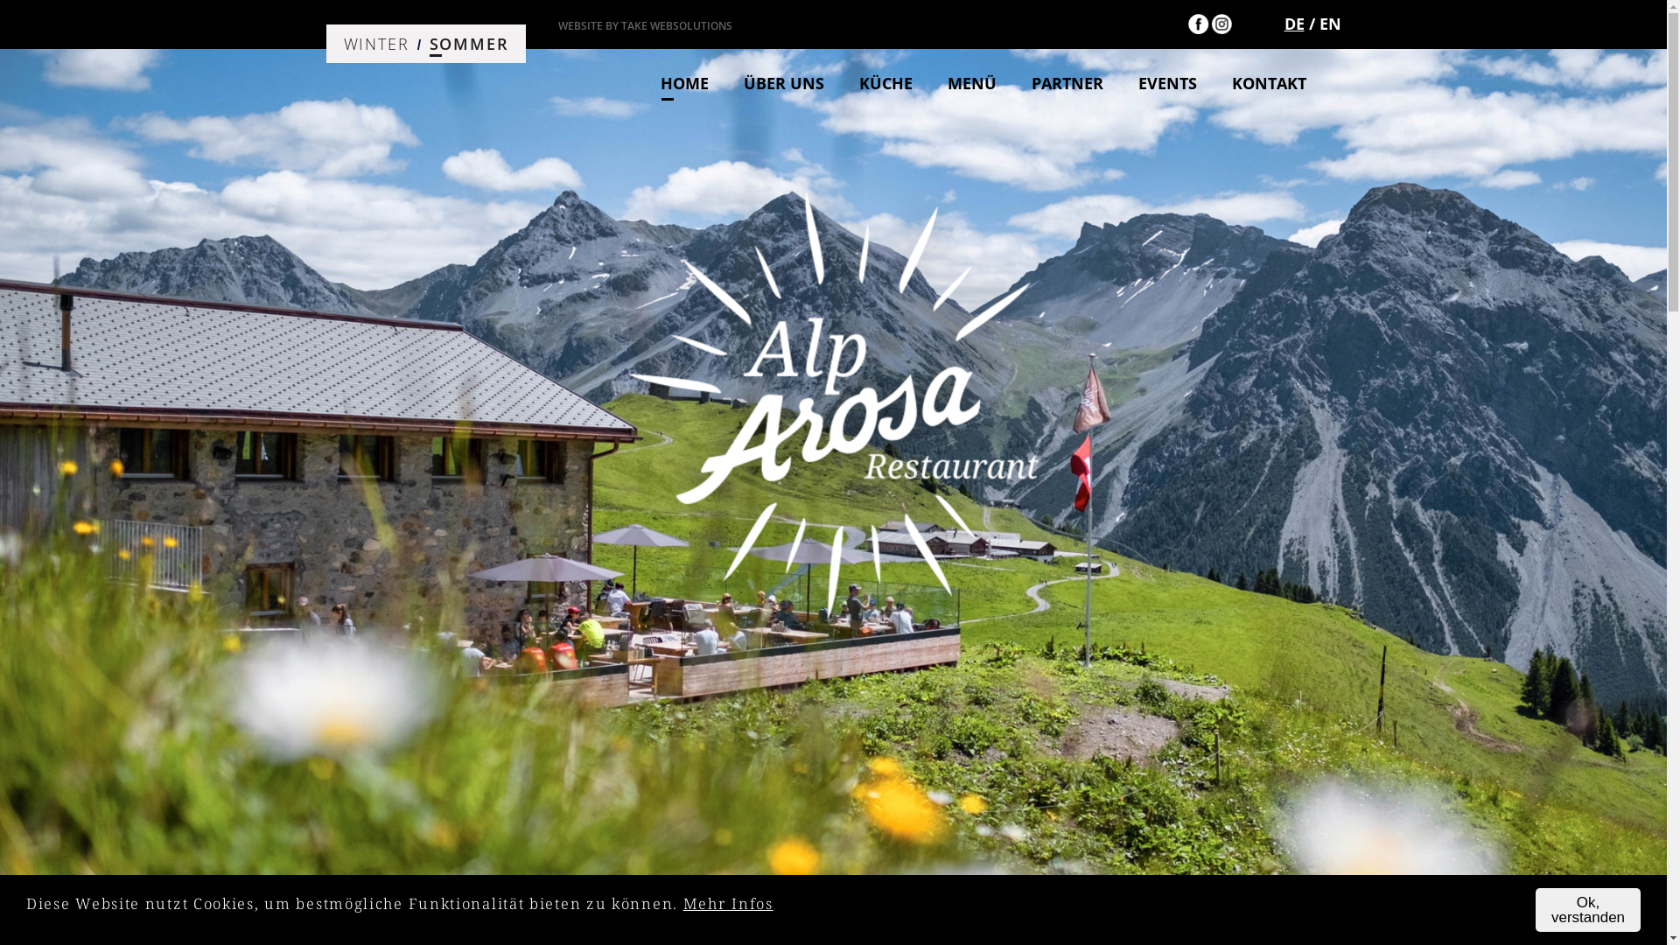 Image resolution: width=1680 pixels, height=945 pixels. I want to click on 'HOME', so click(701, 83).